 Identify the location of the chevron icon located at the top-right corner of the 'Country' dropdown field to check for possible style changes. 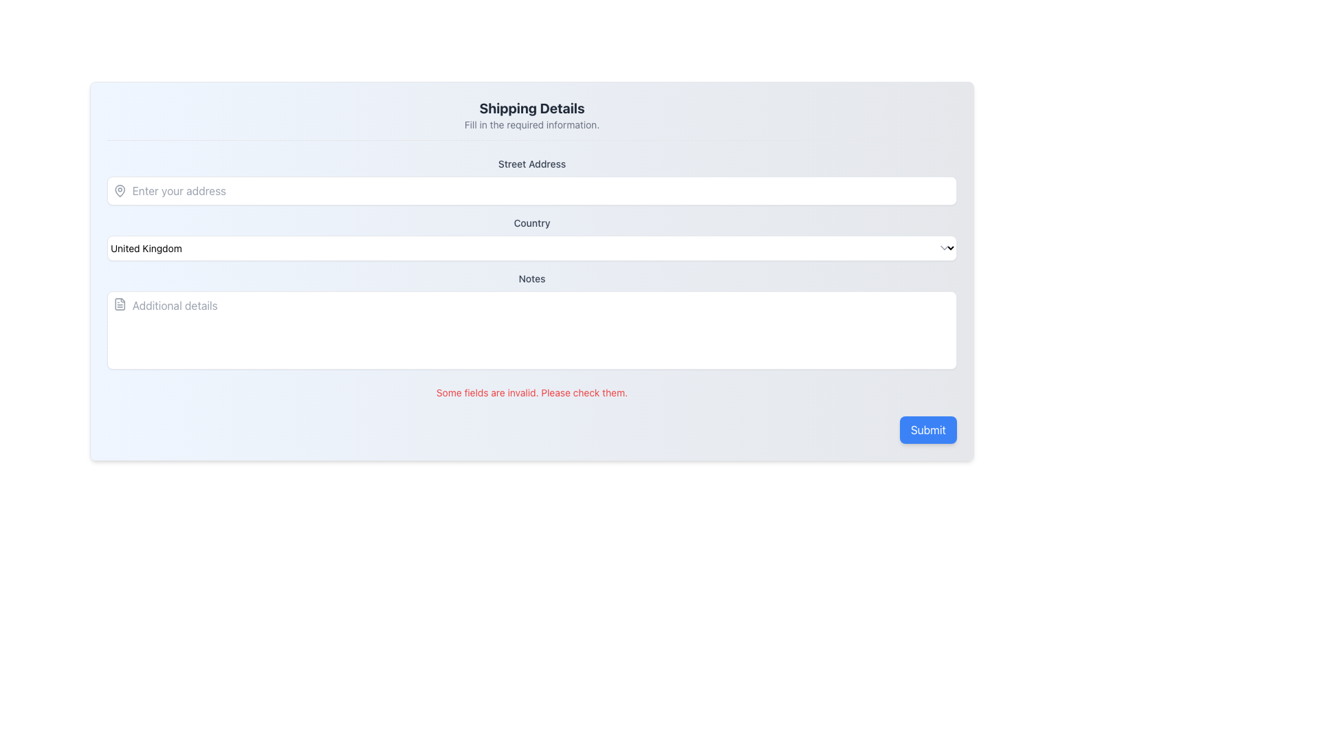
(943, 248).